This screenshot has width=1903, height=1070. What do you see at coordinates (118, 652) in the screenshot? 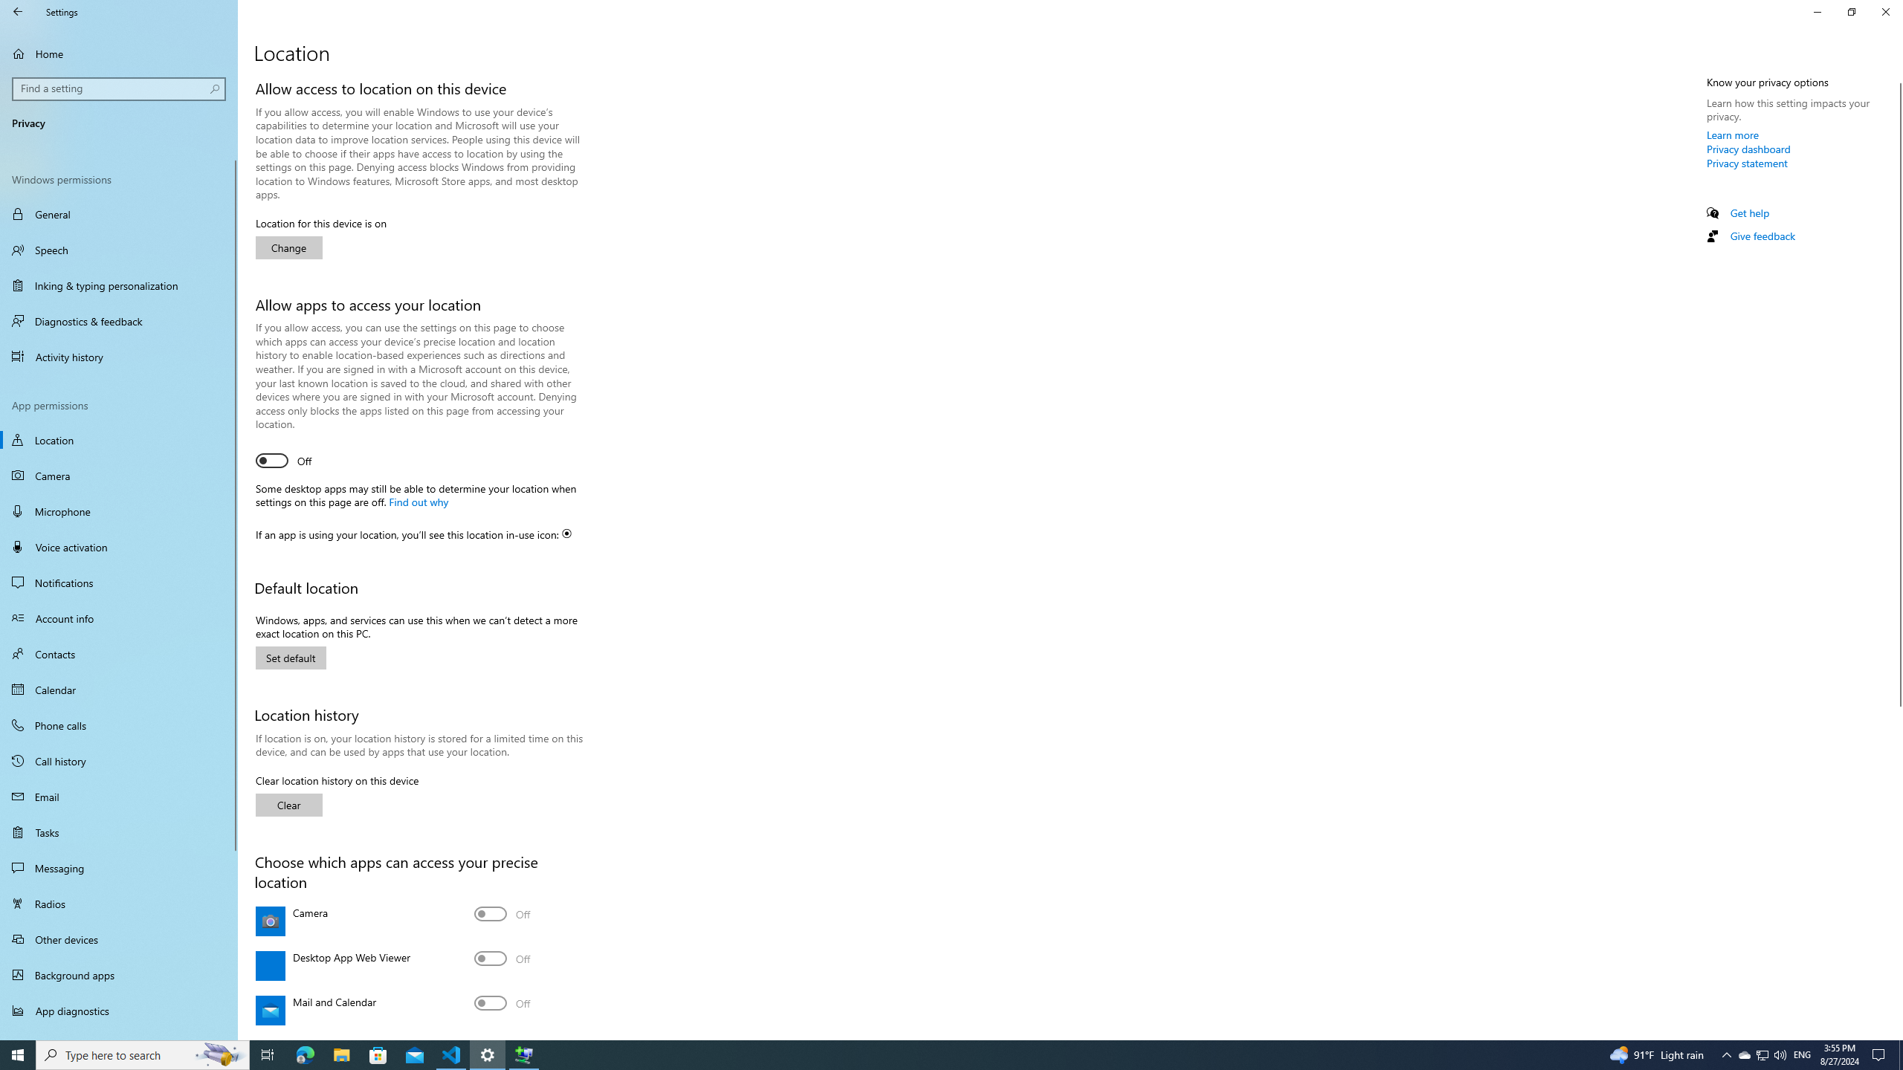
I see `'Contacts'` at bounding box center [118, 652].